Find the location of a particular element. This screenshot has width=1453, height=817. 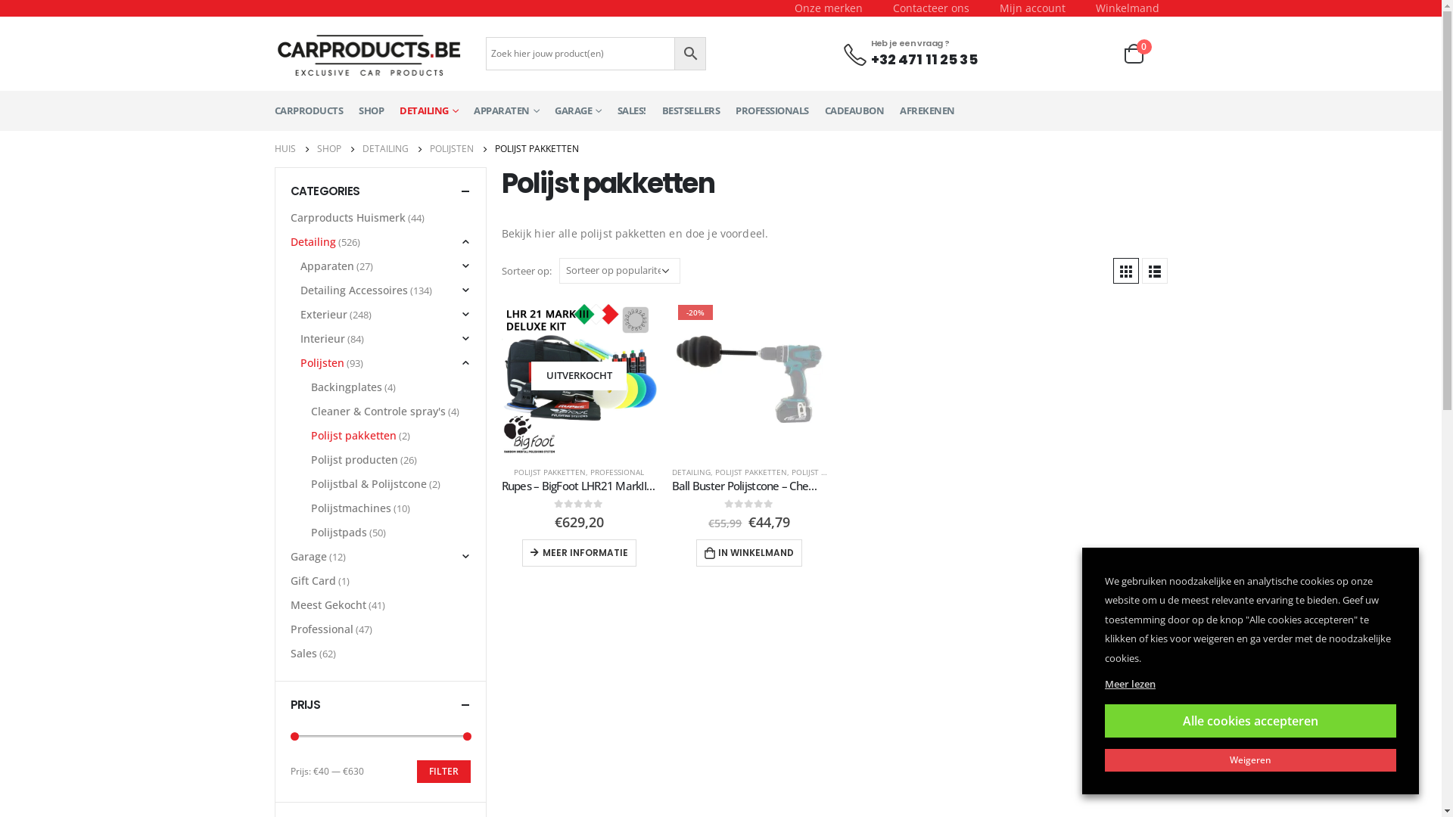

'Gift Card' is located at coordinates (312, 579).